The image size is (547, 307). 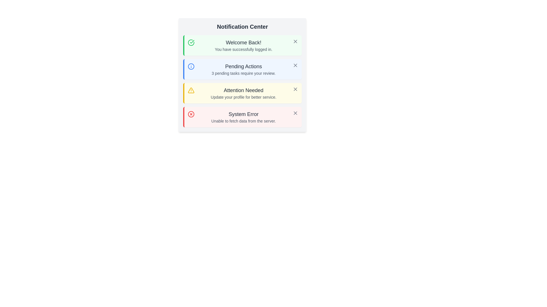 I want to click on the visual appearance of the informational icon located to the left of the 'Pending Actions' text in the notification card header, so click(x=191, y=66).